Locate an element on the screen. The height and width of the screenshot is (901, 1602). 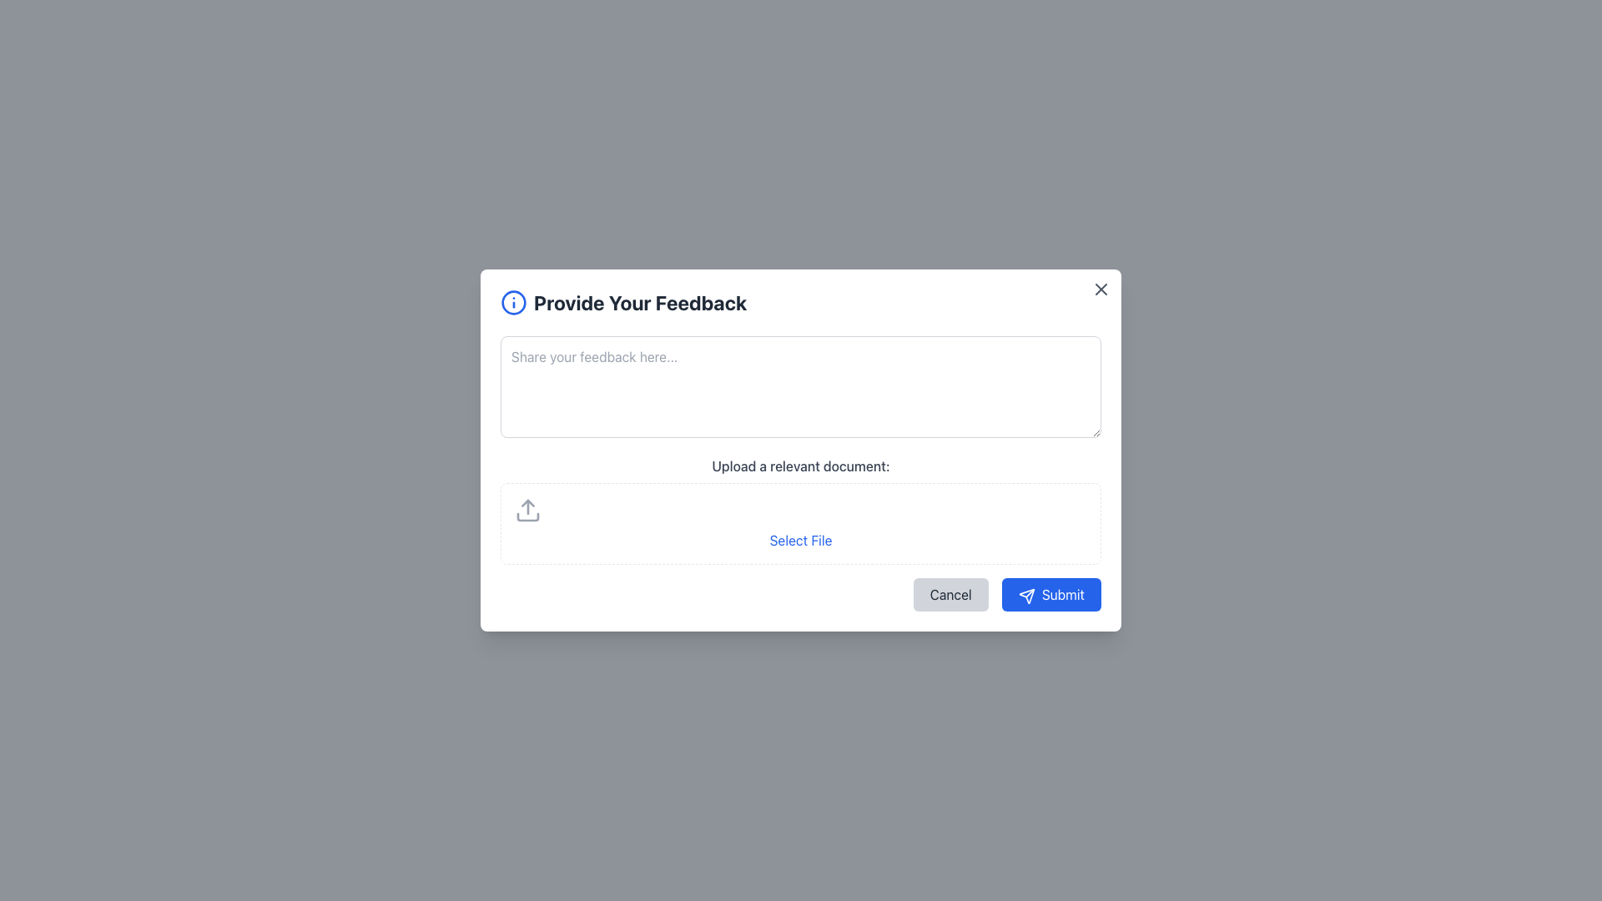
the 'send' button which features a paper airplane icon, located at the bottom right of the modal interface is located at coordinates (1025, 595).